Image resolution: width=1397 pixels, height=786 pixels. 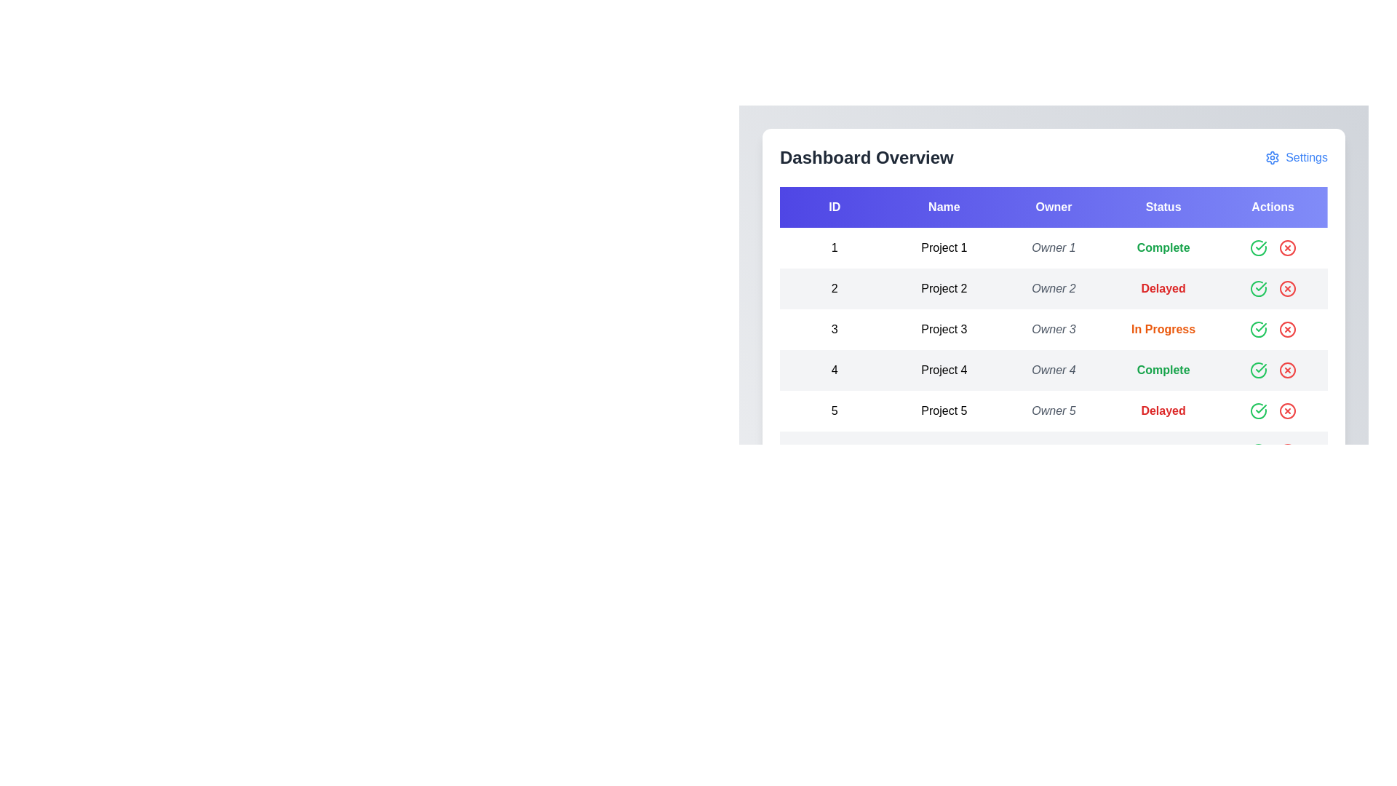 What do you see at coordinates (1257, 329) in the screenshot?
I see `green button in the actions column for the task with ID 3` at bounding box center [1257, 329].